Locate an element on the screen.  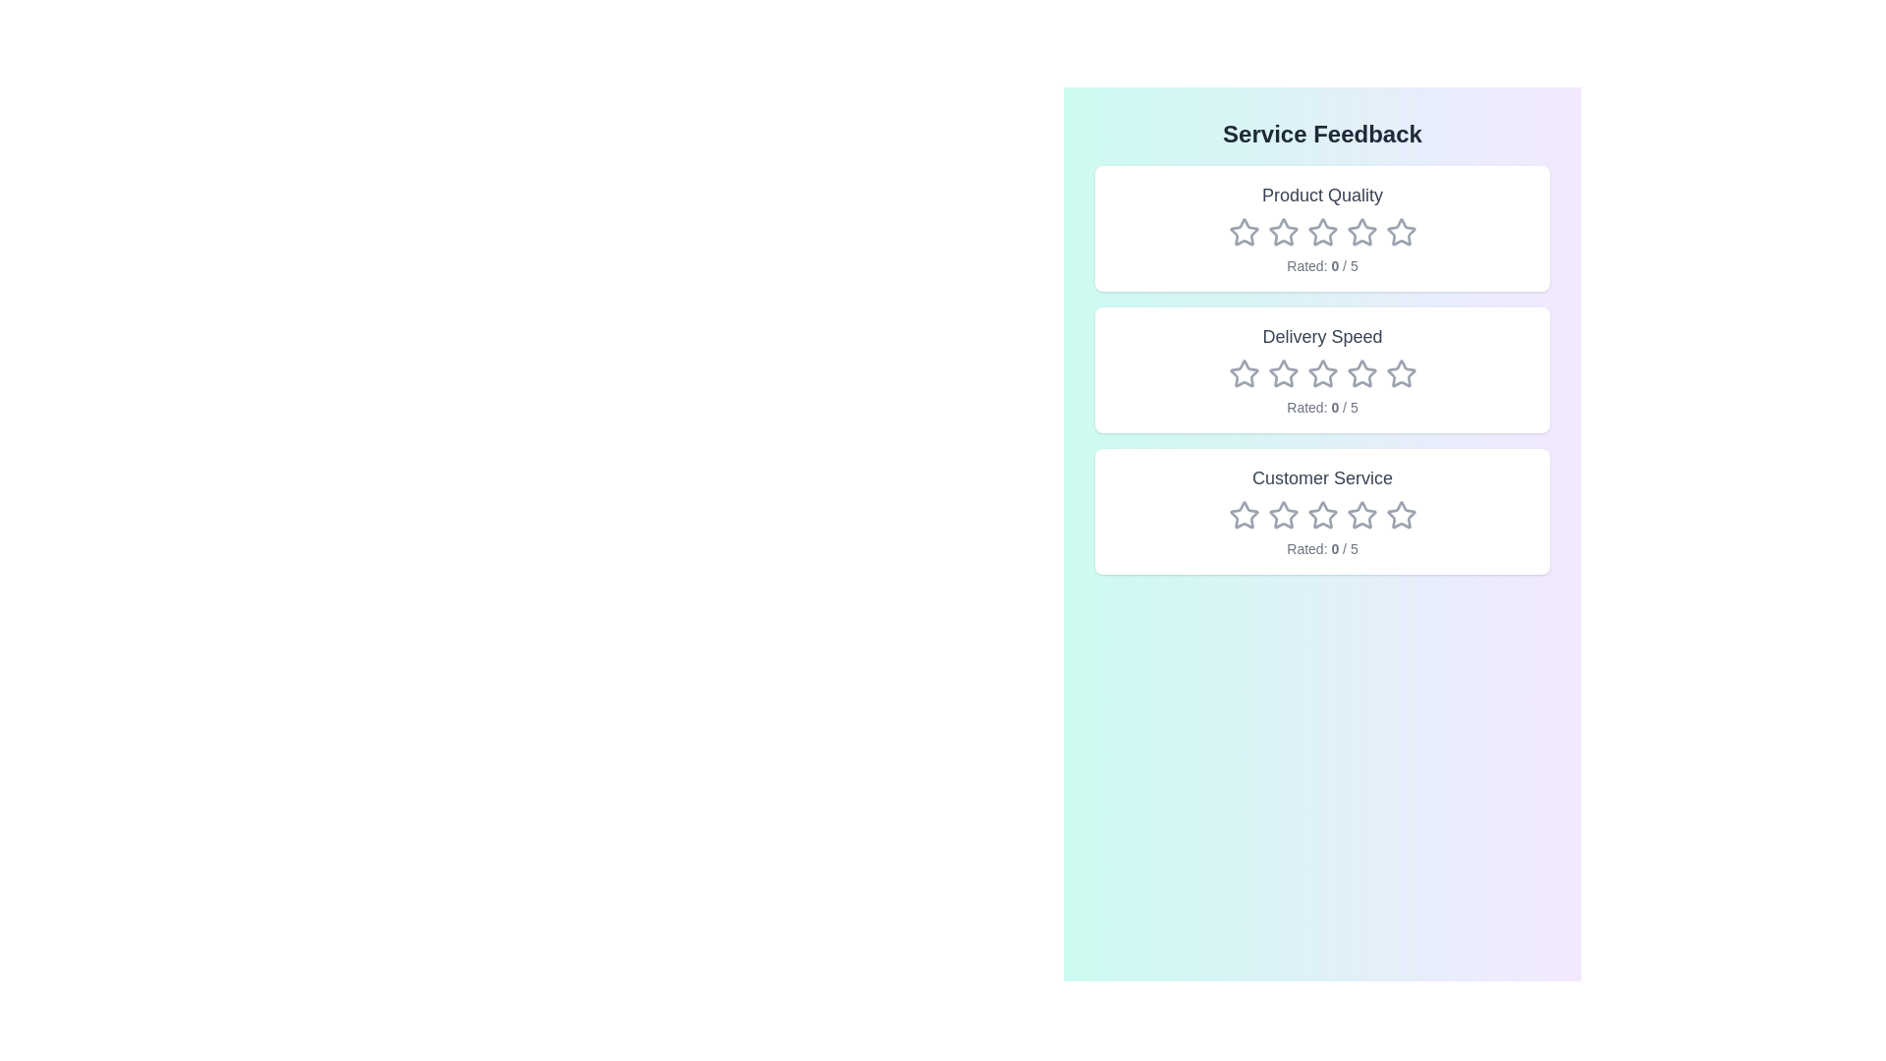
the rating for the category Customer Service to 1 stars is located at coordinates (1243, 514).